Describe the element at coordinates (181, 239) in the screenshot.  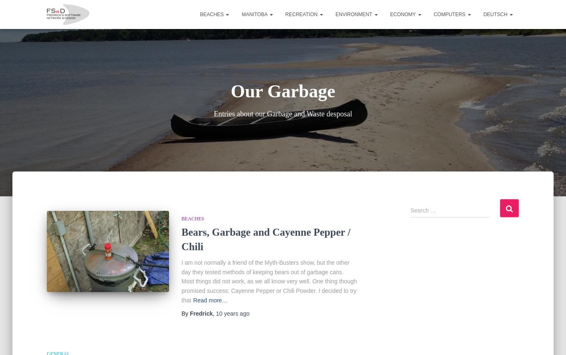
I see `'Bears, Garbage and Cayenne Pepper / Chili'` at that location.